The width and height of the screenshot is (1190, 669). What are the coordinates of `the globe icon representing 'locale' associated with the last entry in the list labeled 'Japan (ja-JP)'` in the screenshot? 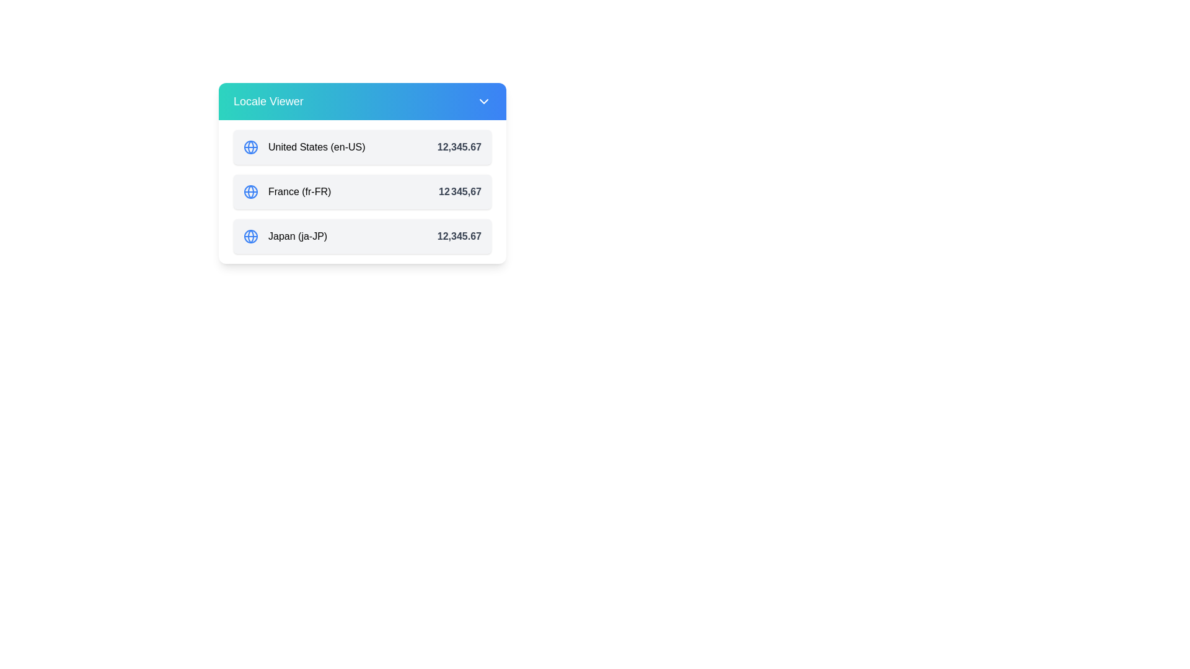 It's located at (250, 236).